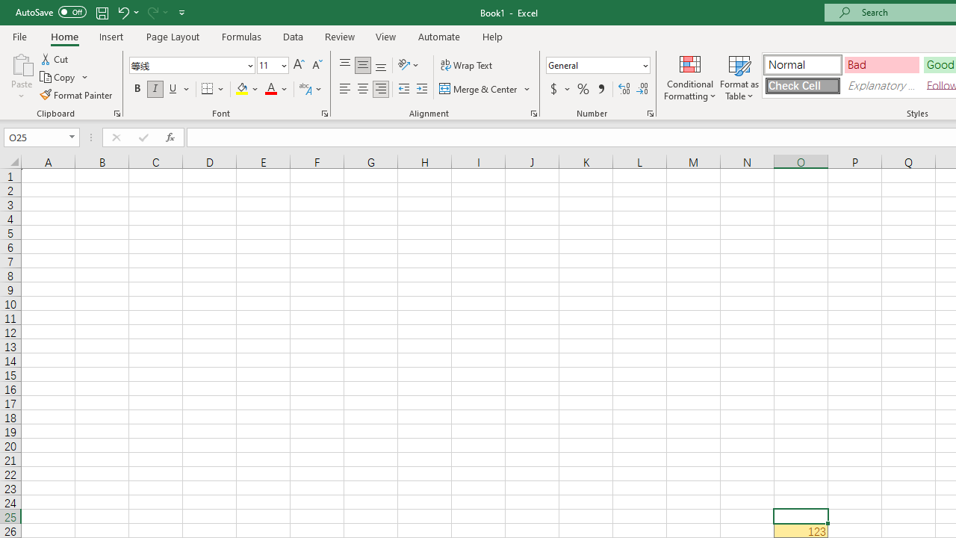  I want to click on 'Decrease Decimal', so click(642, 89).